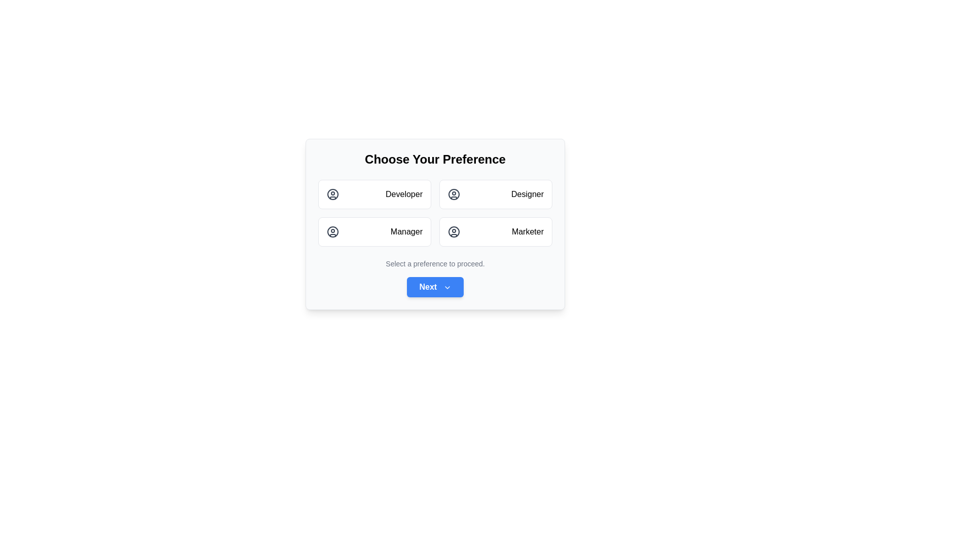 The height and width of the screenshot is (547, 973). Describe the element at coordinates (333, 232) in the screenshot. I see `the outer circle of the 'Manager' option in the bottom-left corner of the grid` at that location.